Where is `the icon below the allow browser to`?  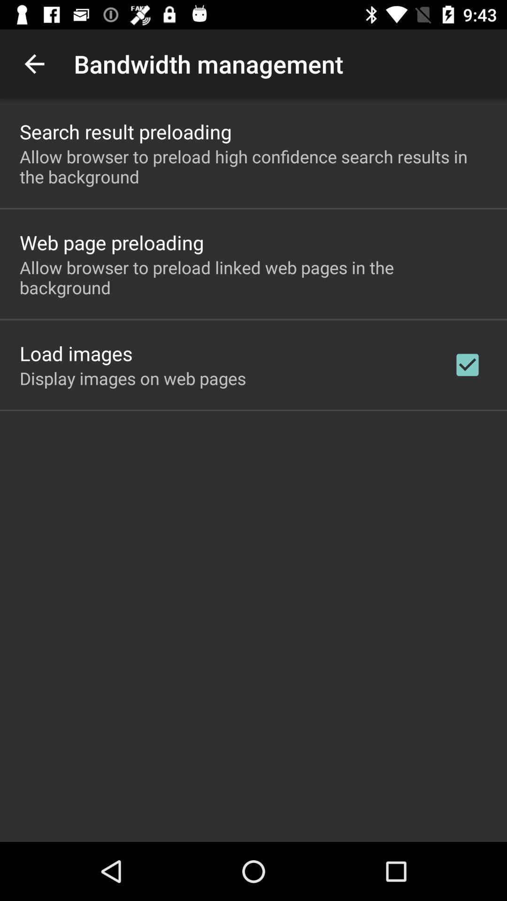
the icon below the allow browser to is located at coordinates (467, 364).